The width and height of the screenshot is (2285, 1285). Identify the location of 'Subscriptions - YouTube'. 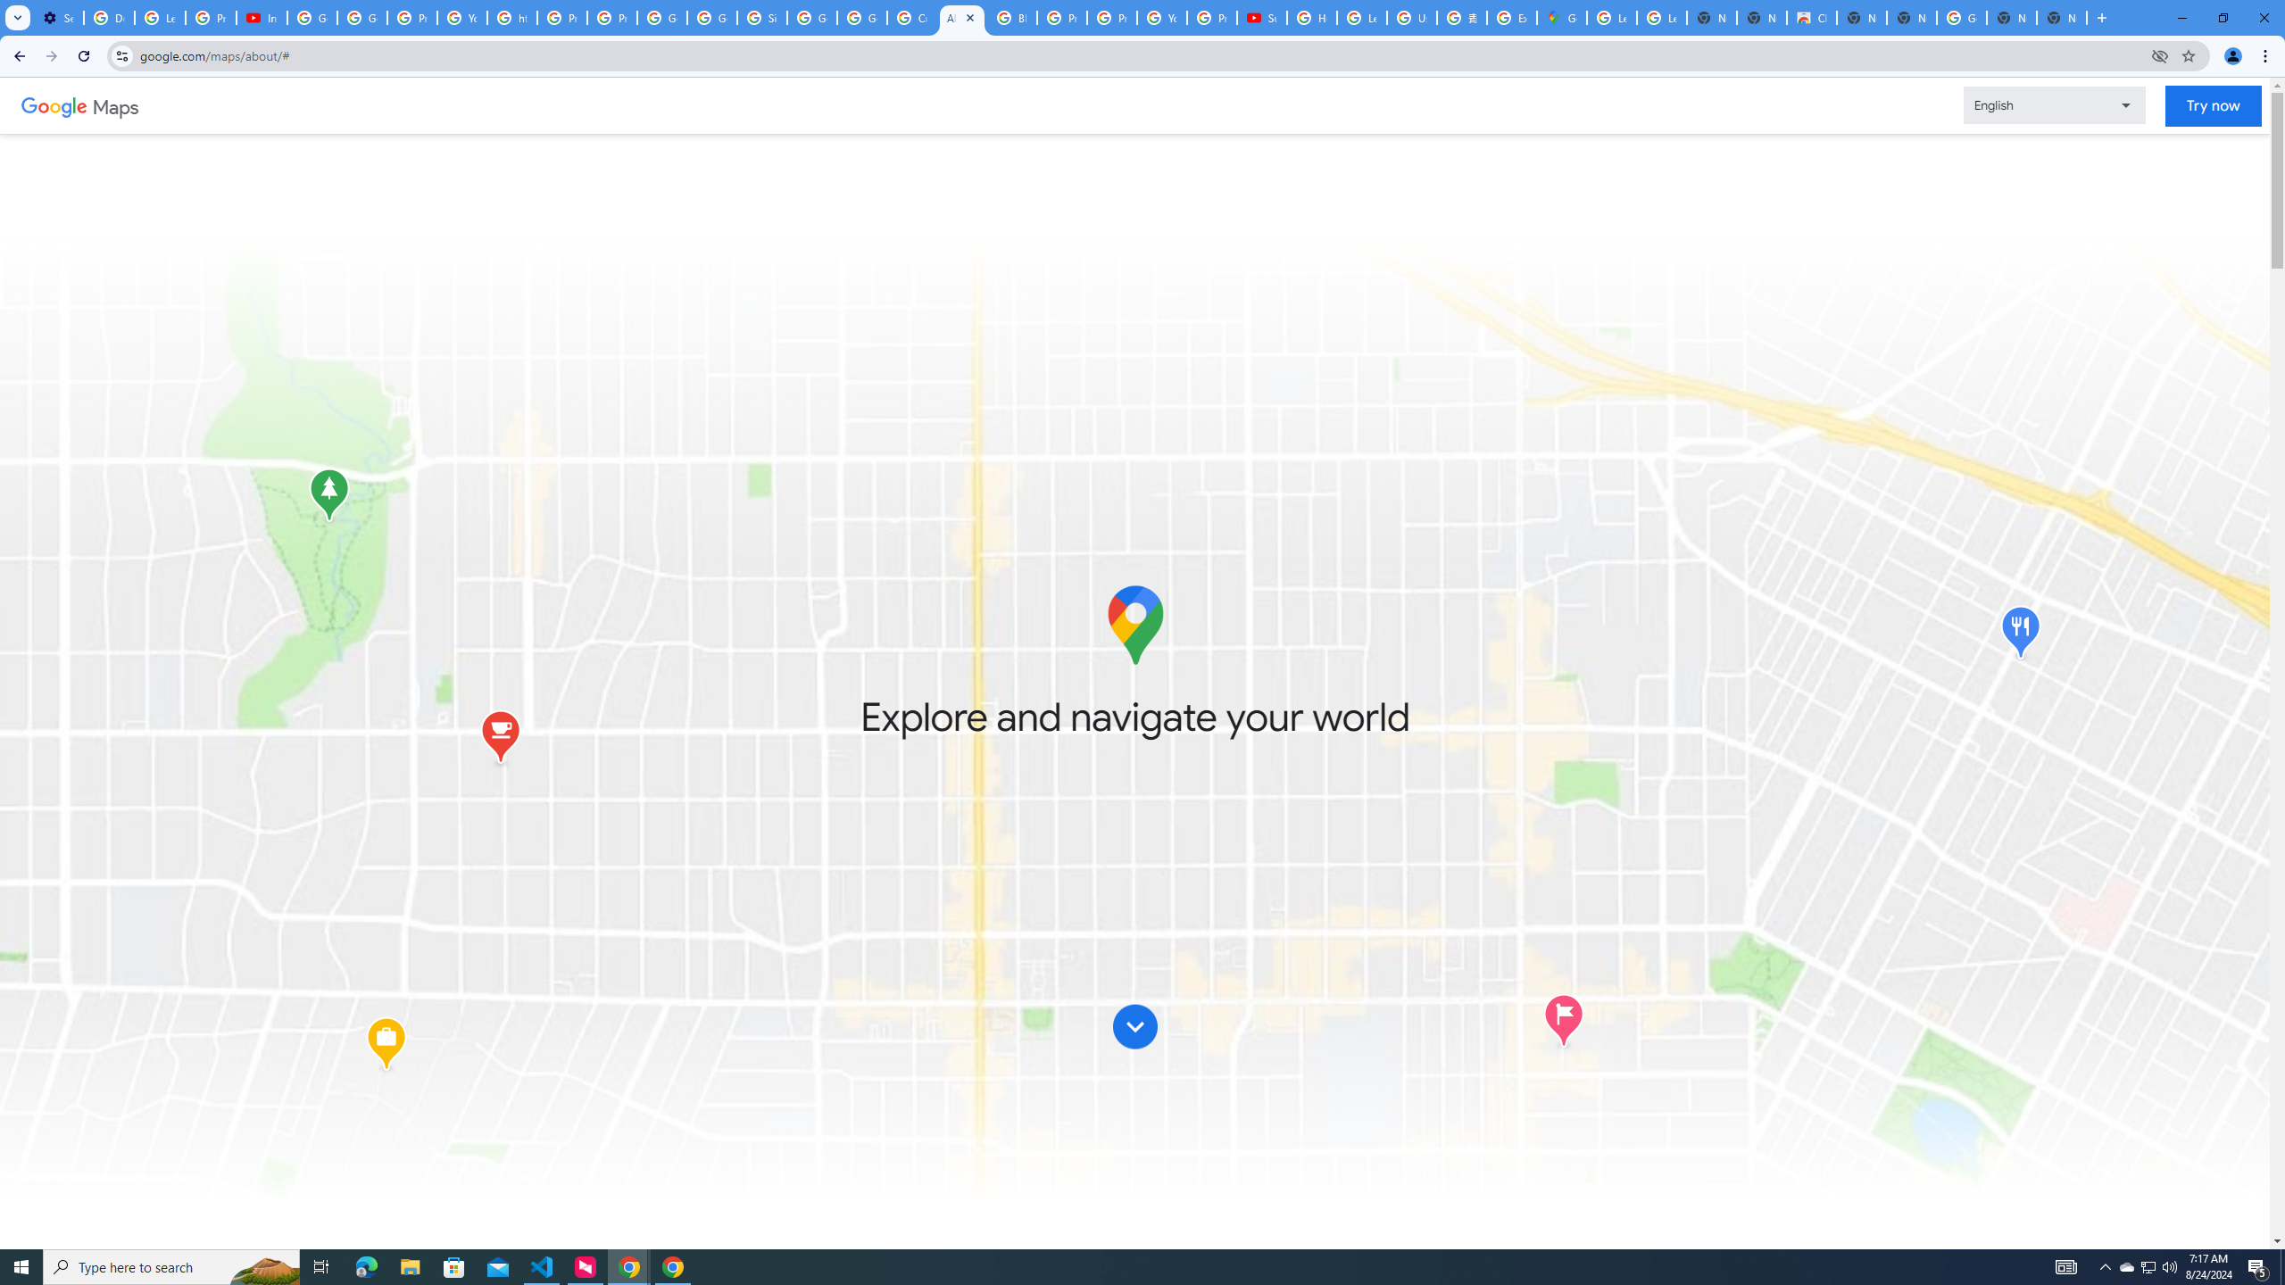
(1262, 17).